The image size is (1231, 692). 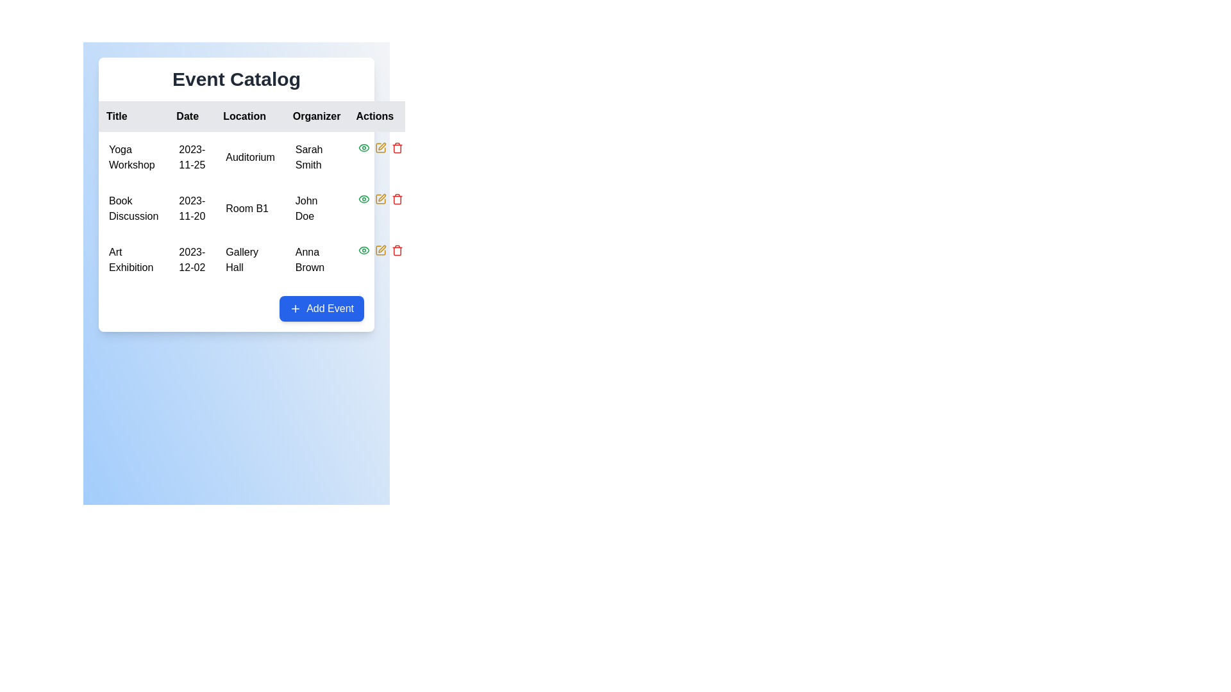 I want to click on the pencil icon in the first row under the 'Actions' column to initiate editing, so click(x=380, y=147).